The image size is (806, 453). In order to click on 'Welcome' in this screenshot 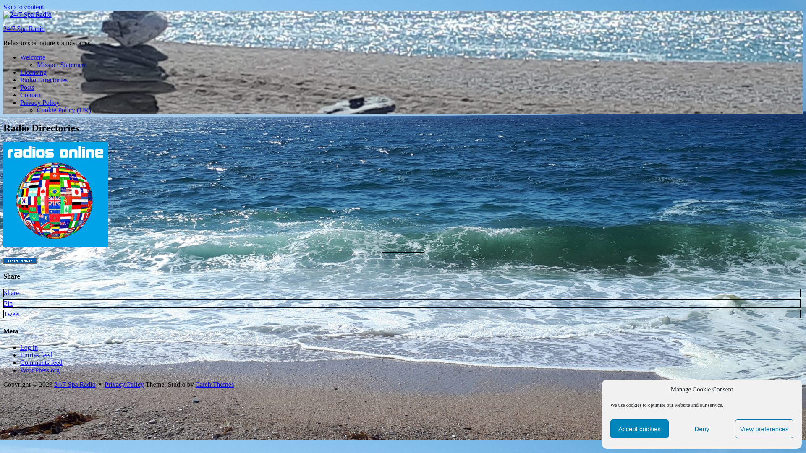, I will do `click(32, 57)`.